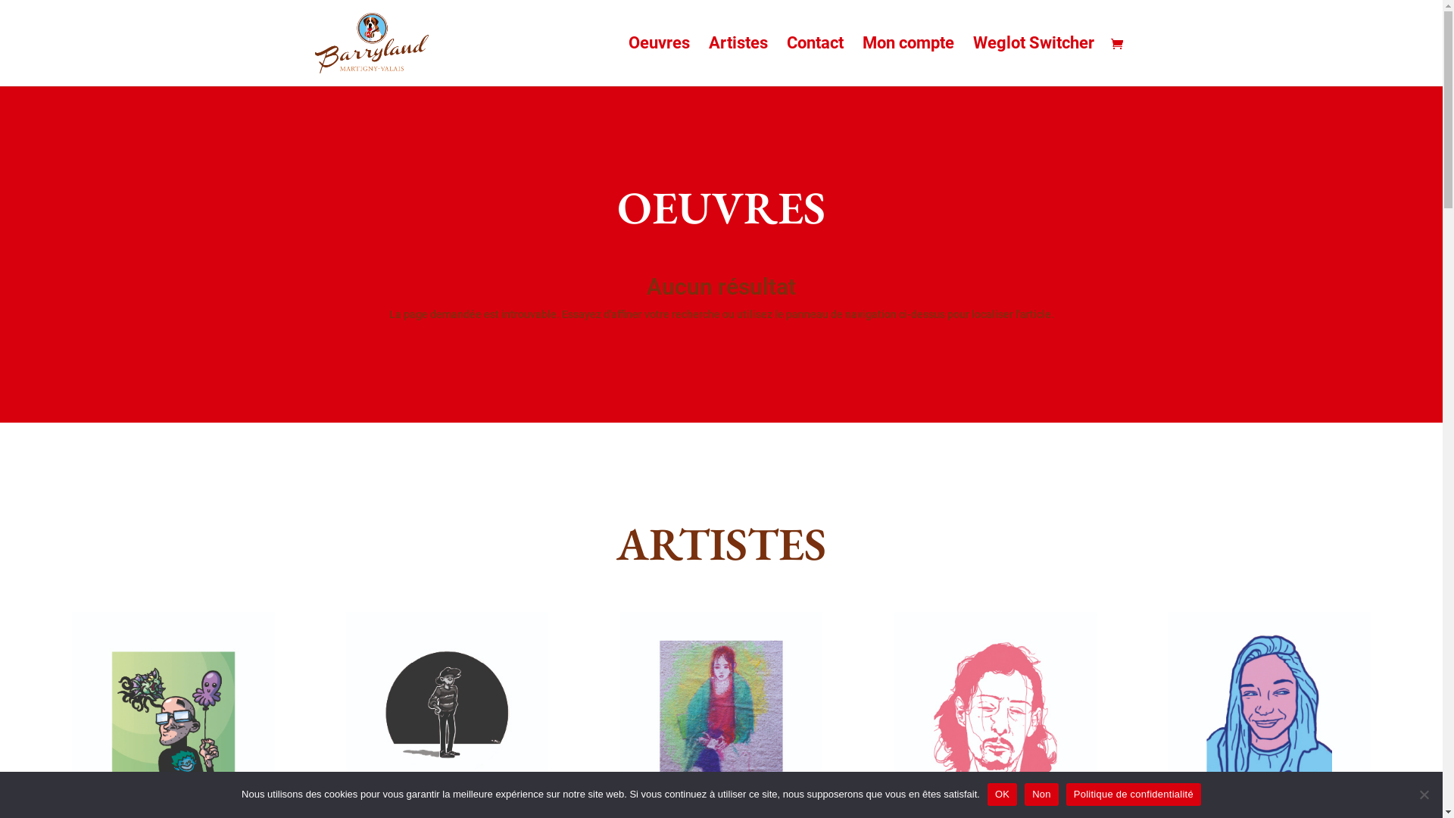  Describe the element at coordinates (173, 713) in the screenshot. I see `'Guillaume_Mayor-100'` at that location.